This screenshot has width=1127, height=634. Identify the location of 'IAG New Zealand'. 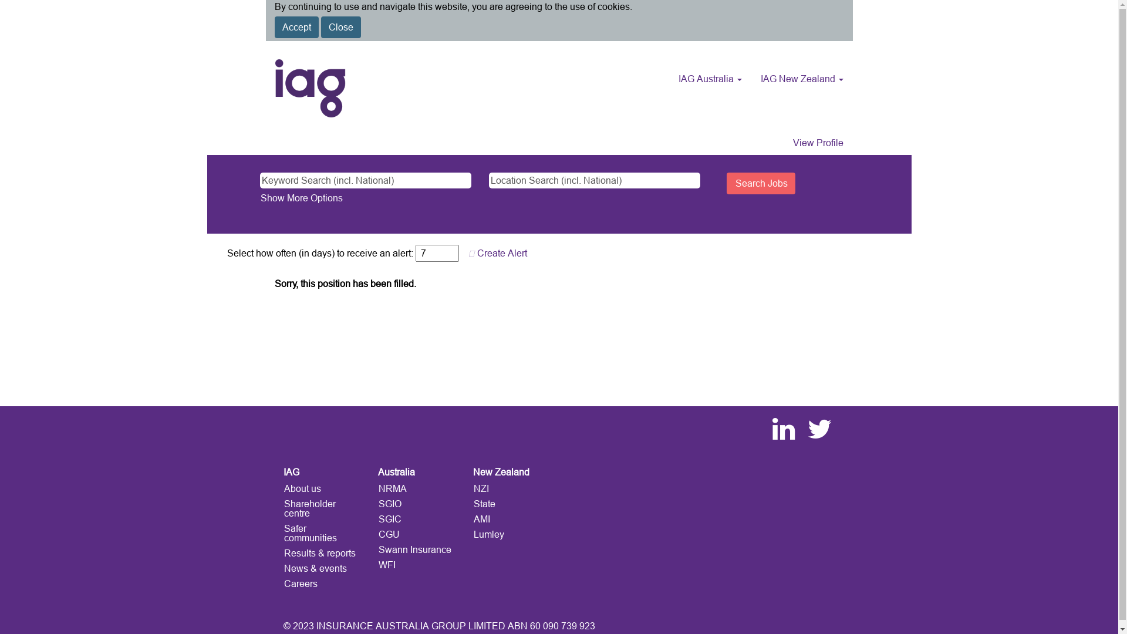
(801, 79).